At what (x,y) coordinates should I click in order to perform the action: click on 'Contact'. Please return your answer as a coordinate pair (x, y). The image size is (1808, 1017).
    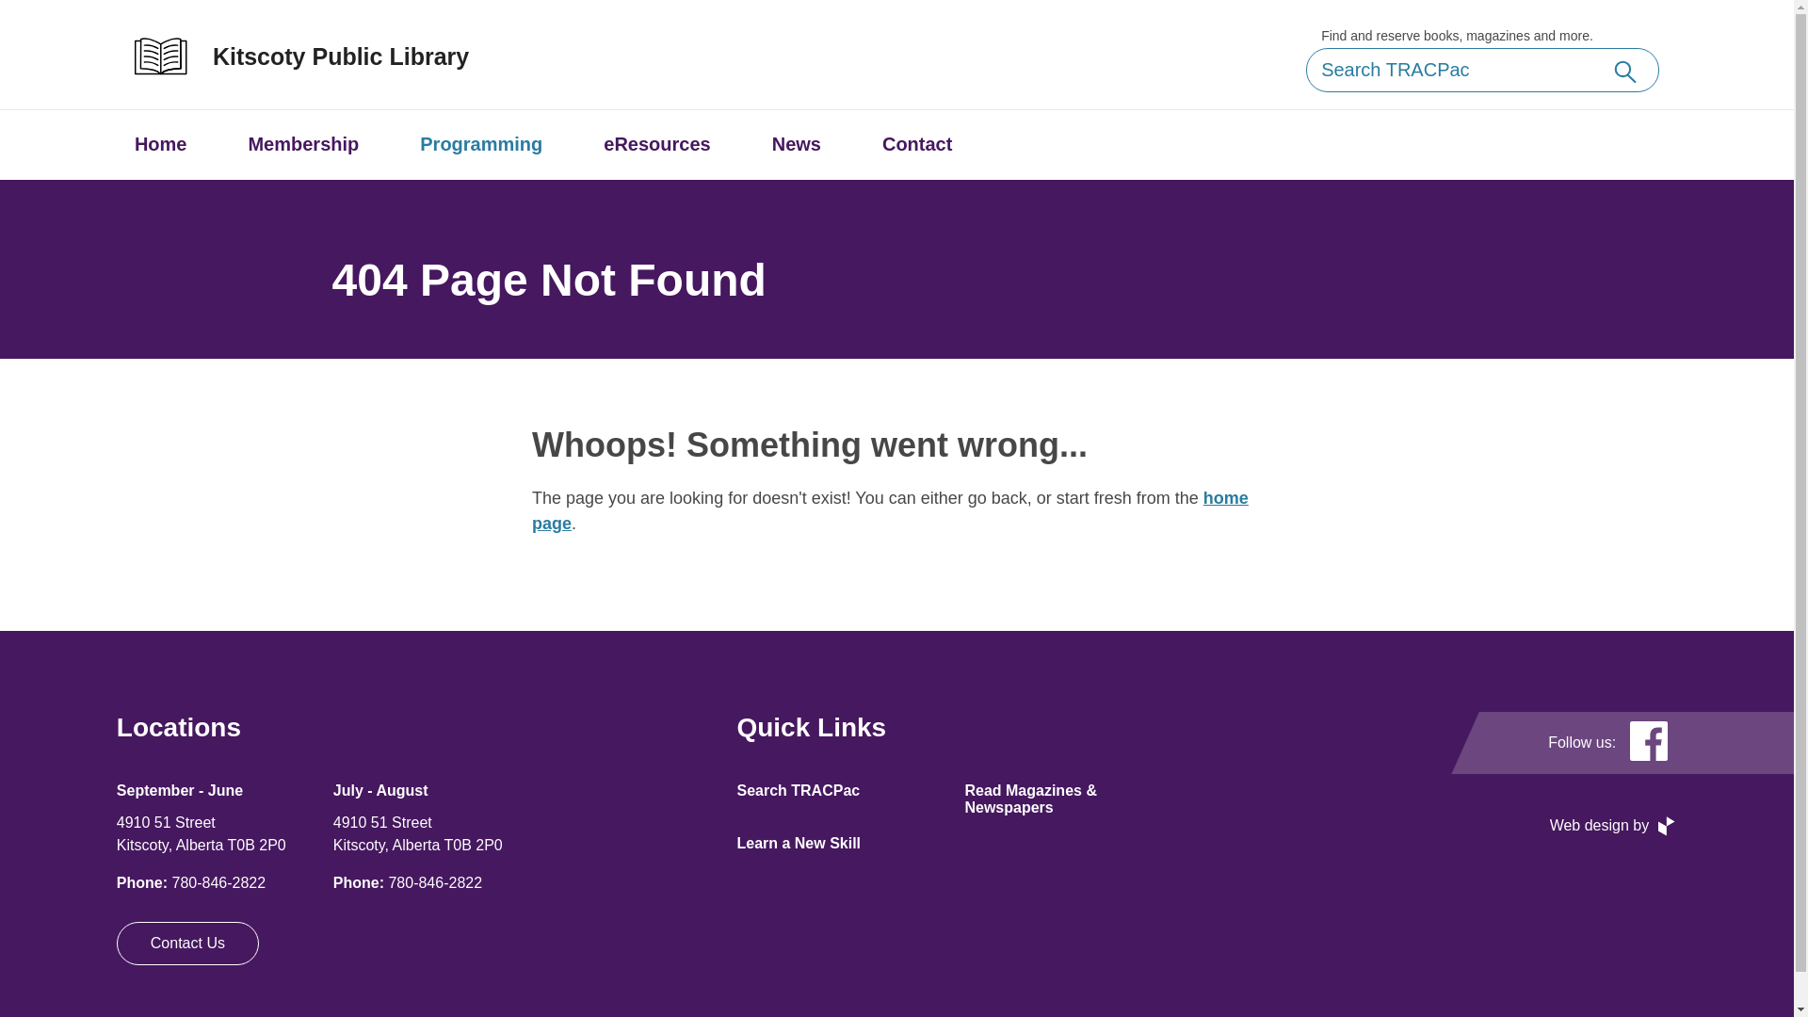
    Looking at the image, I should click on (917, 143).